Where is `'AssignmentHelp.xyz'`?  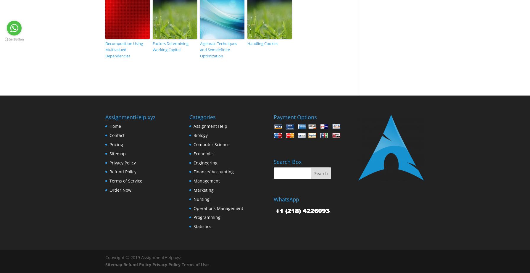 'AssignmentHelp.xyz' is located at coordinates (130, 117).